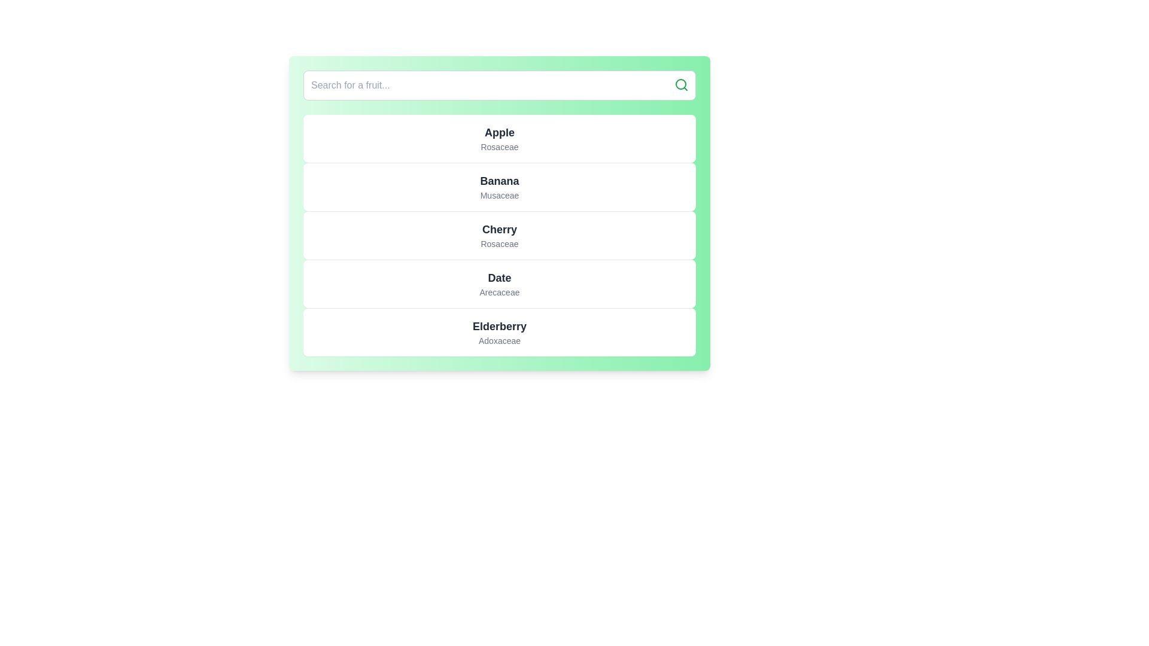 The height and width of the screenshot is (646, 1149). I want to click on the green circular decoration within the search icon located at the top-right corner of the search bar, so click(680, 84).